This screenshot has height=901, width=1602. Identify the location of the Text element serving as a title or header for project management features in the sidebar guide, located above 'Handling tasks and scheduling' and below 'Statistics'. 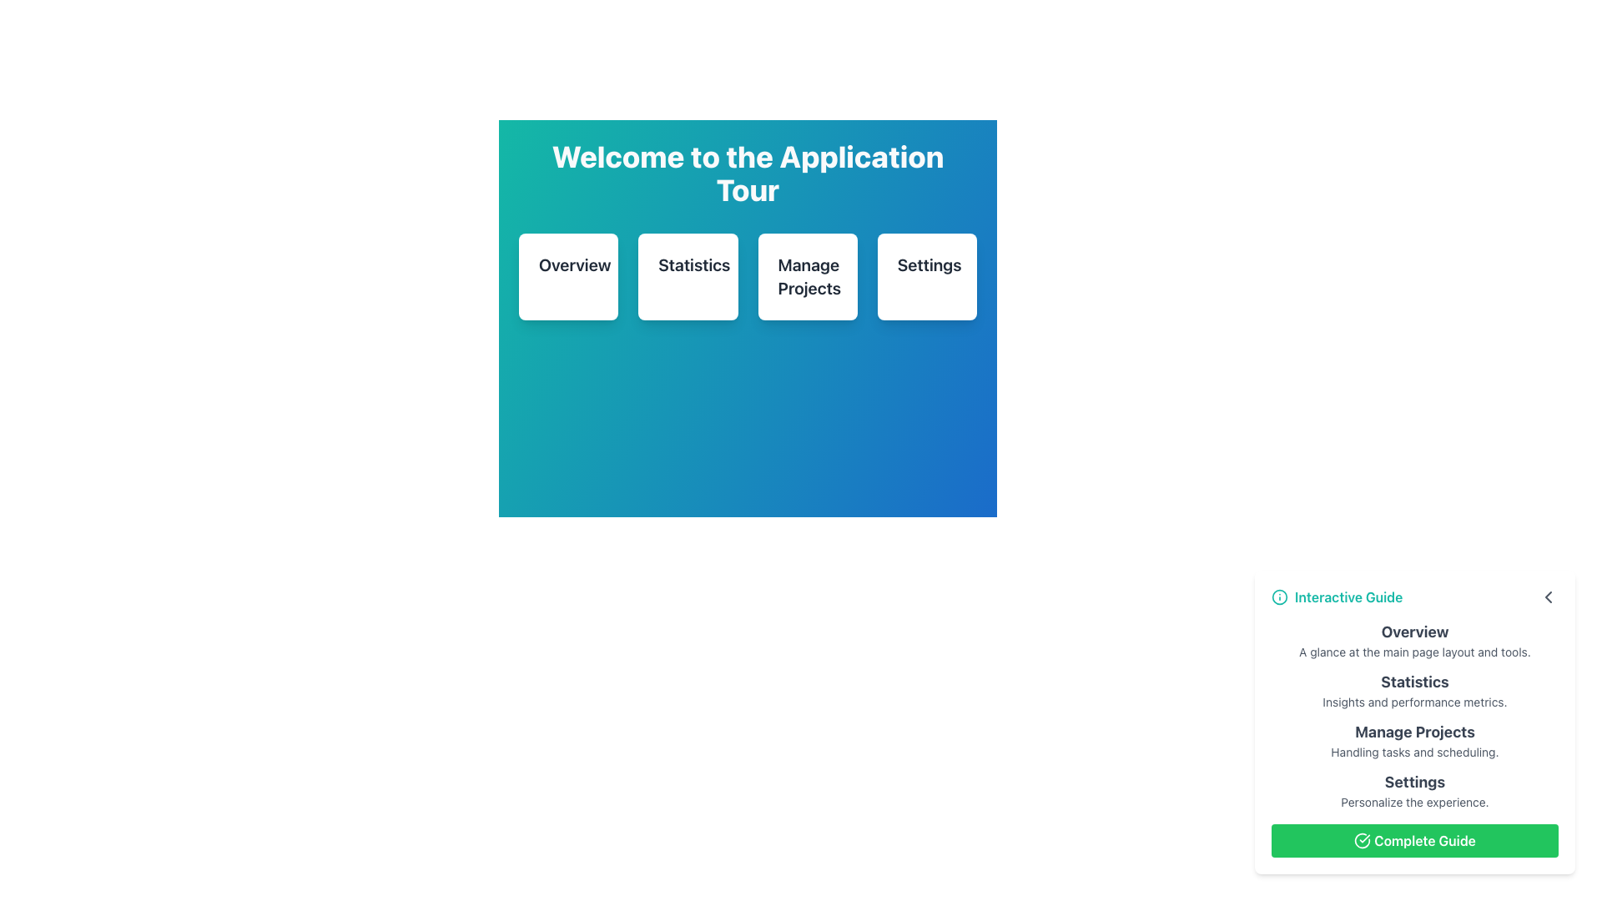
(1413, 732).